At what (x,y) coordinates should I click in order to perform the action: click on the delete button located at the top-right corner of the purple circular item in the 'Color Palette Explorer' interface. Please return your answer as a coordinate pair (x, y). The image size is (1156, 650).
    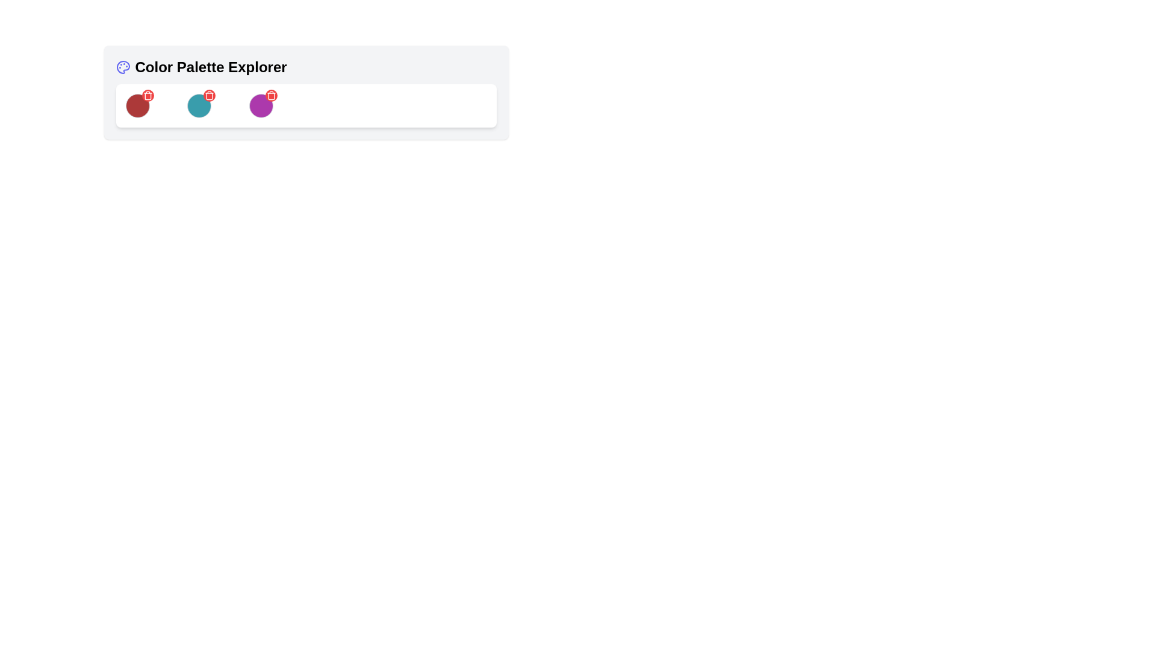
    Looking at the image, I should click on (270, 94).